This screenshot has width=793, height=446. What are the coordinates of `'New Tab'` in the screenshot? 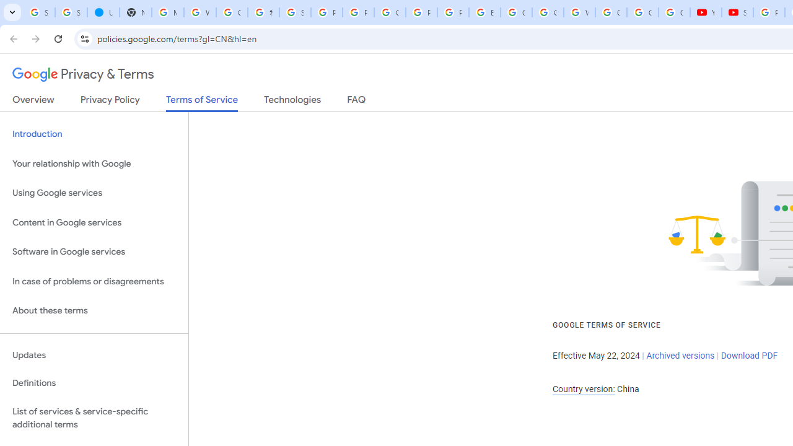 It's located at (135, 12).